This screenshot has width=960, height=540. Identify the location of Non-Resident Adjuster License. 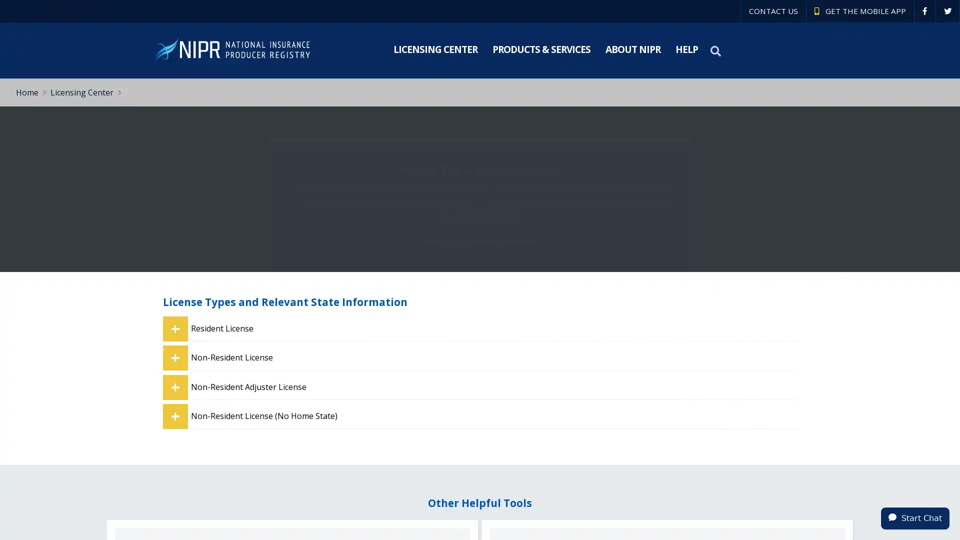
(494, 386).